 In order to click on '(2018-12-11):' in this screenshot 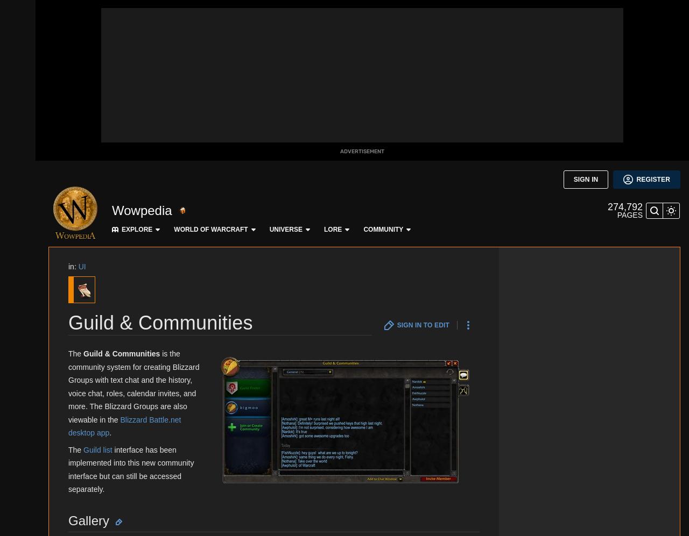, I will do `click(147, 25)`.